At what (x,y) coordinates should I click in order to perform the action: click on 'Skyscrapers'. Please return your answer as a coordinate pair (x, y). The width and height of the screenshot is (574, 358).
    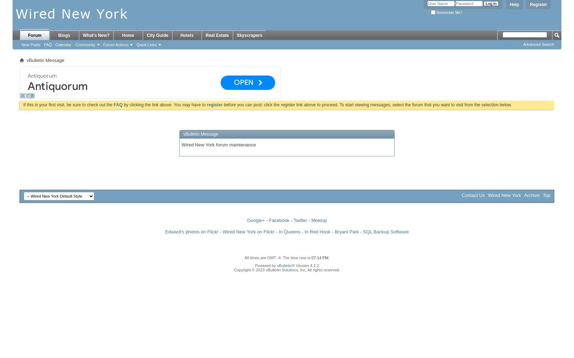
    Looking at the image, I should click on (249, 35).